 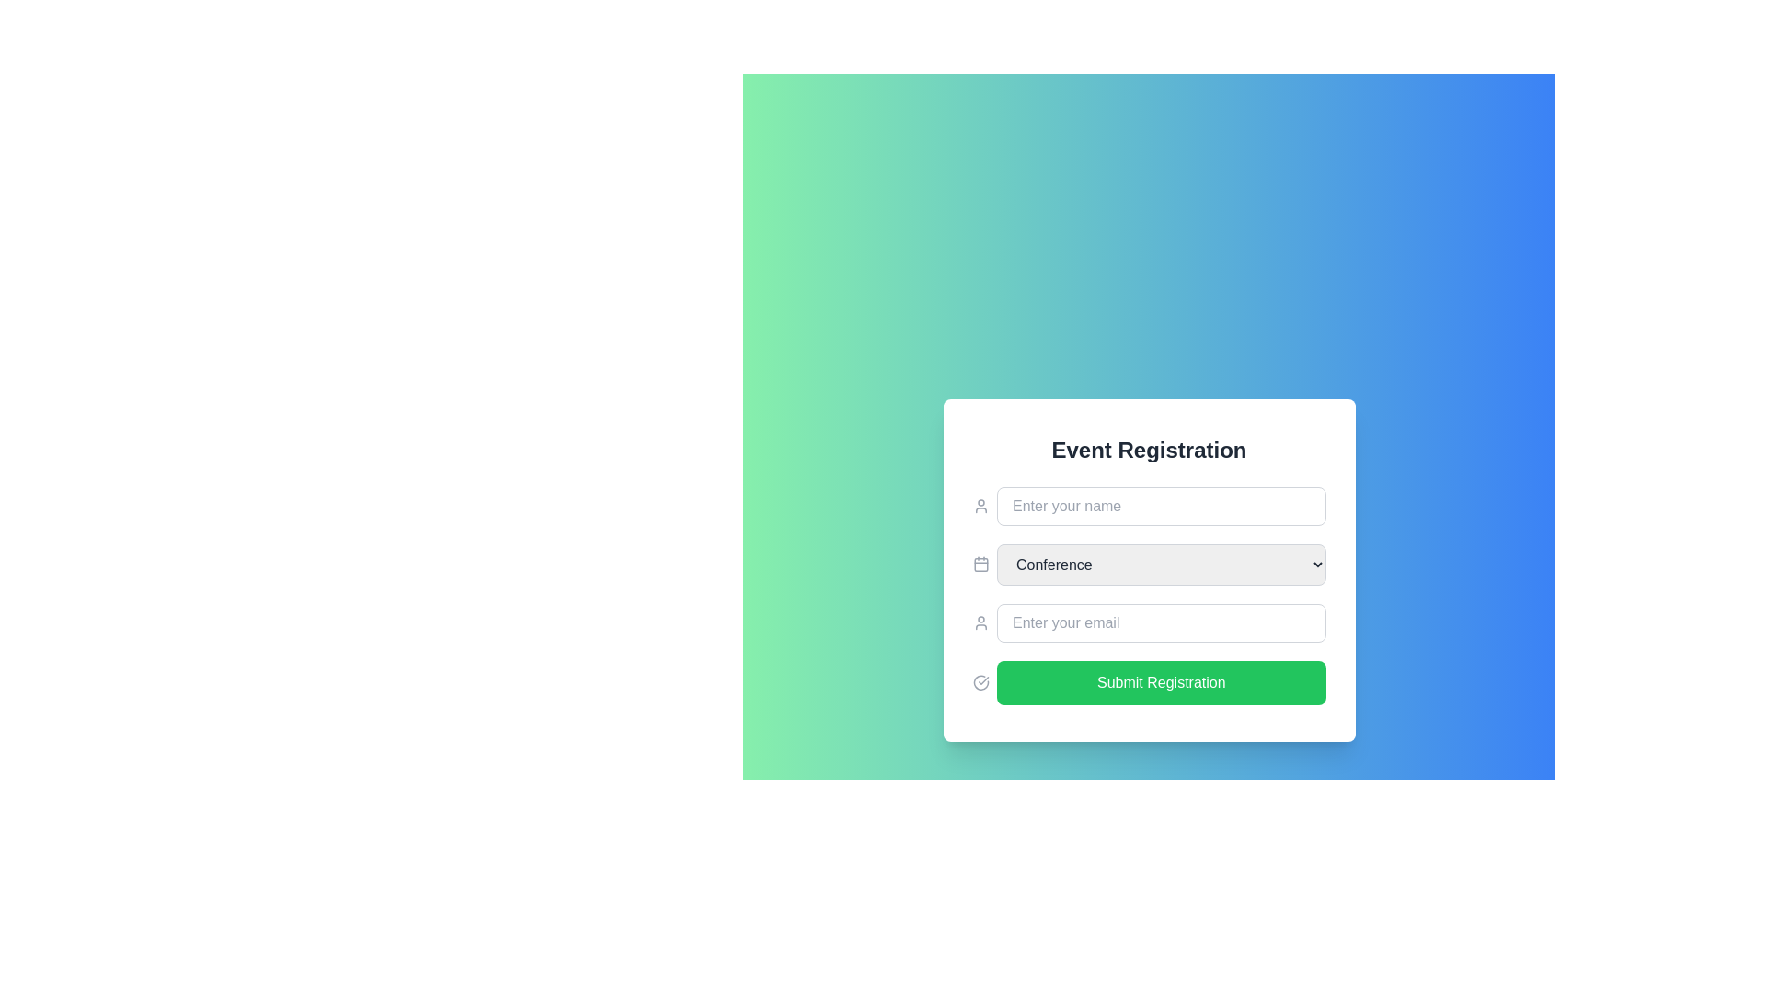 What do you see at coordinates (980, 564) in the screenshot?
I see `the calendar icon located to the left of the 'Conference' input field in the Event Registration form` at bounding box center [980, 564].